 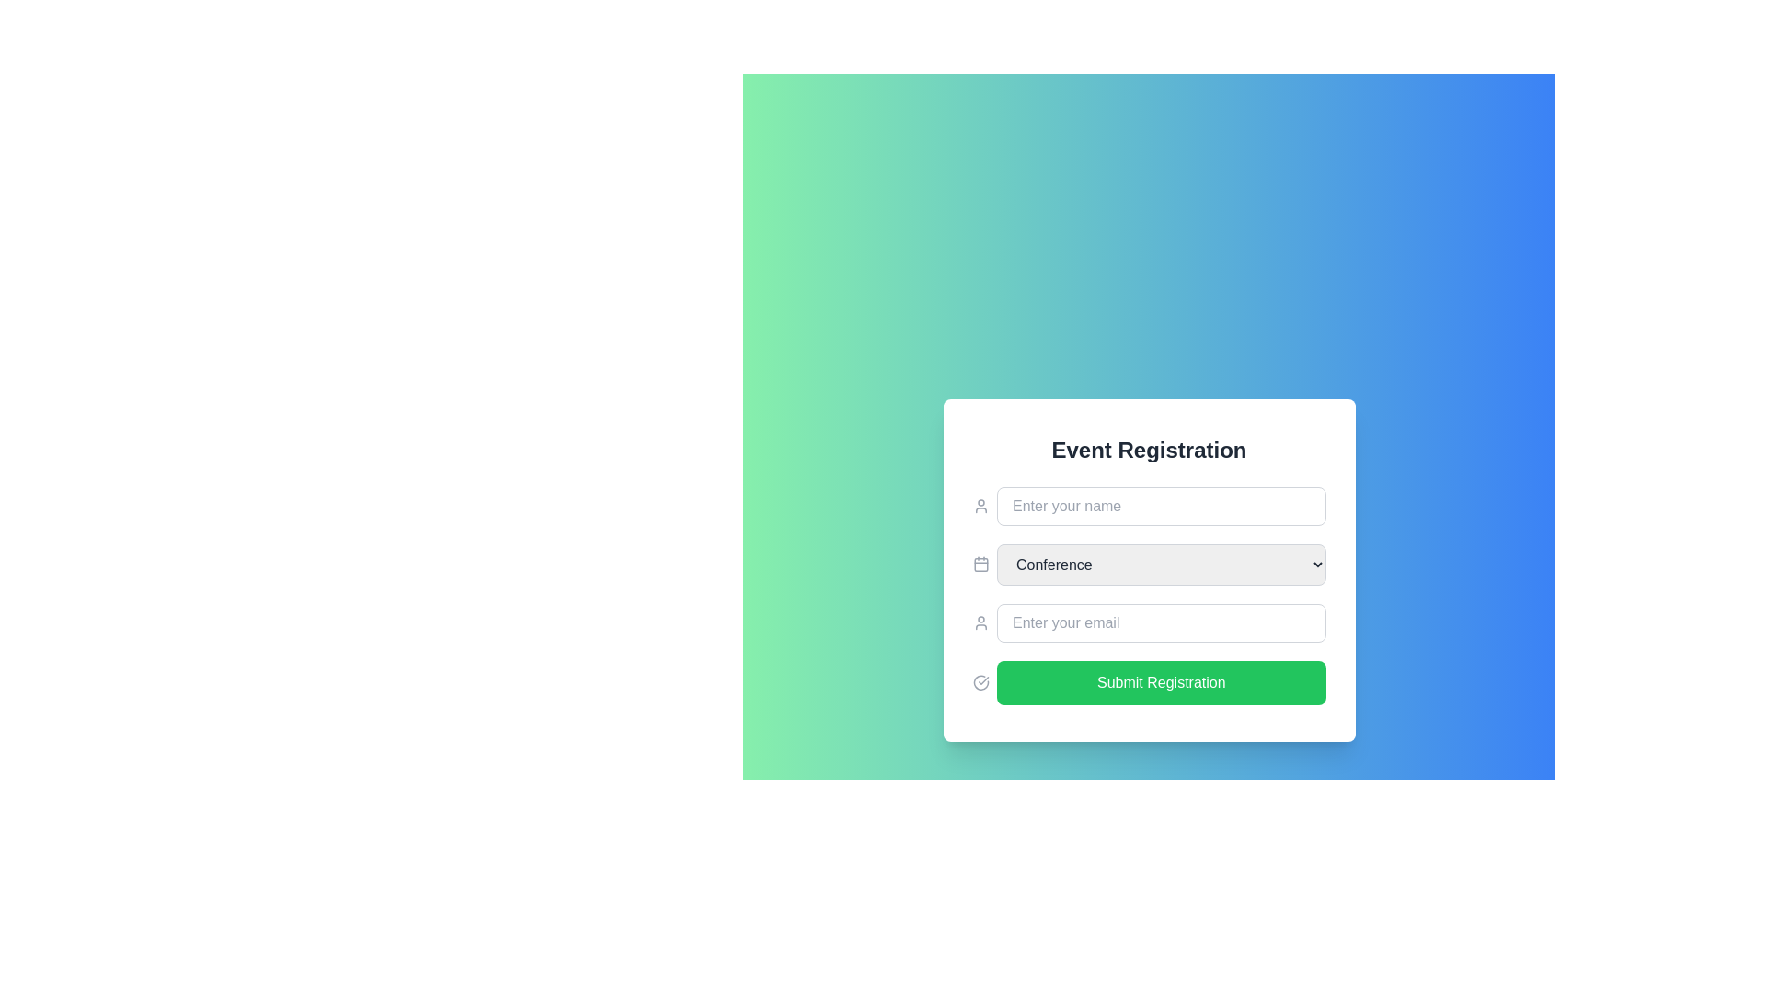 What do you see at coordinates (980, 564) in the screenshot?
I see `the calendar icon located to the left of the 'Conference' input field in the Event Registration form` at bounding box center [980, 564].